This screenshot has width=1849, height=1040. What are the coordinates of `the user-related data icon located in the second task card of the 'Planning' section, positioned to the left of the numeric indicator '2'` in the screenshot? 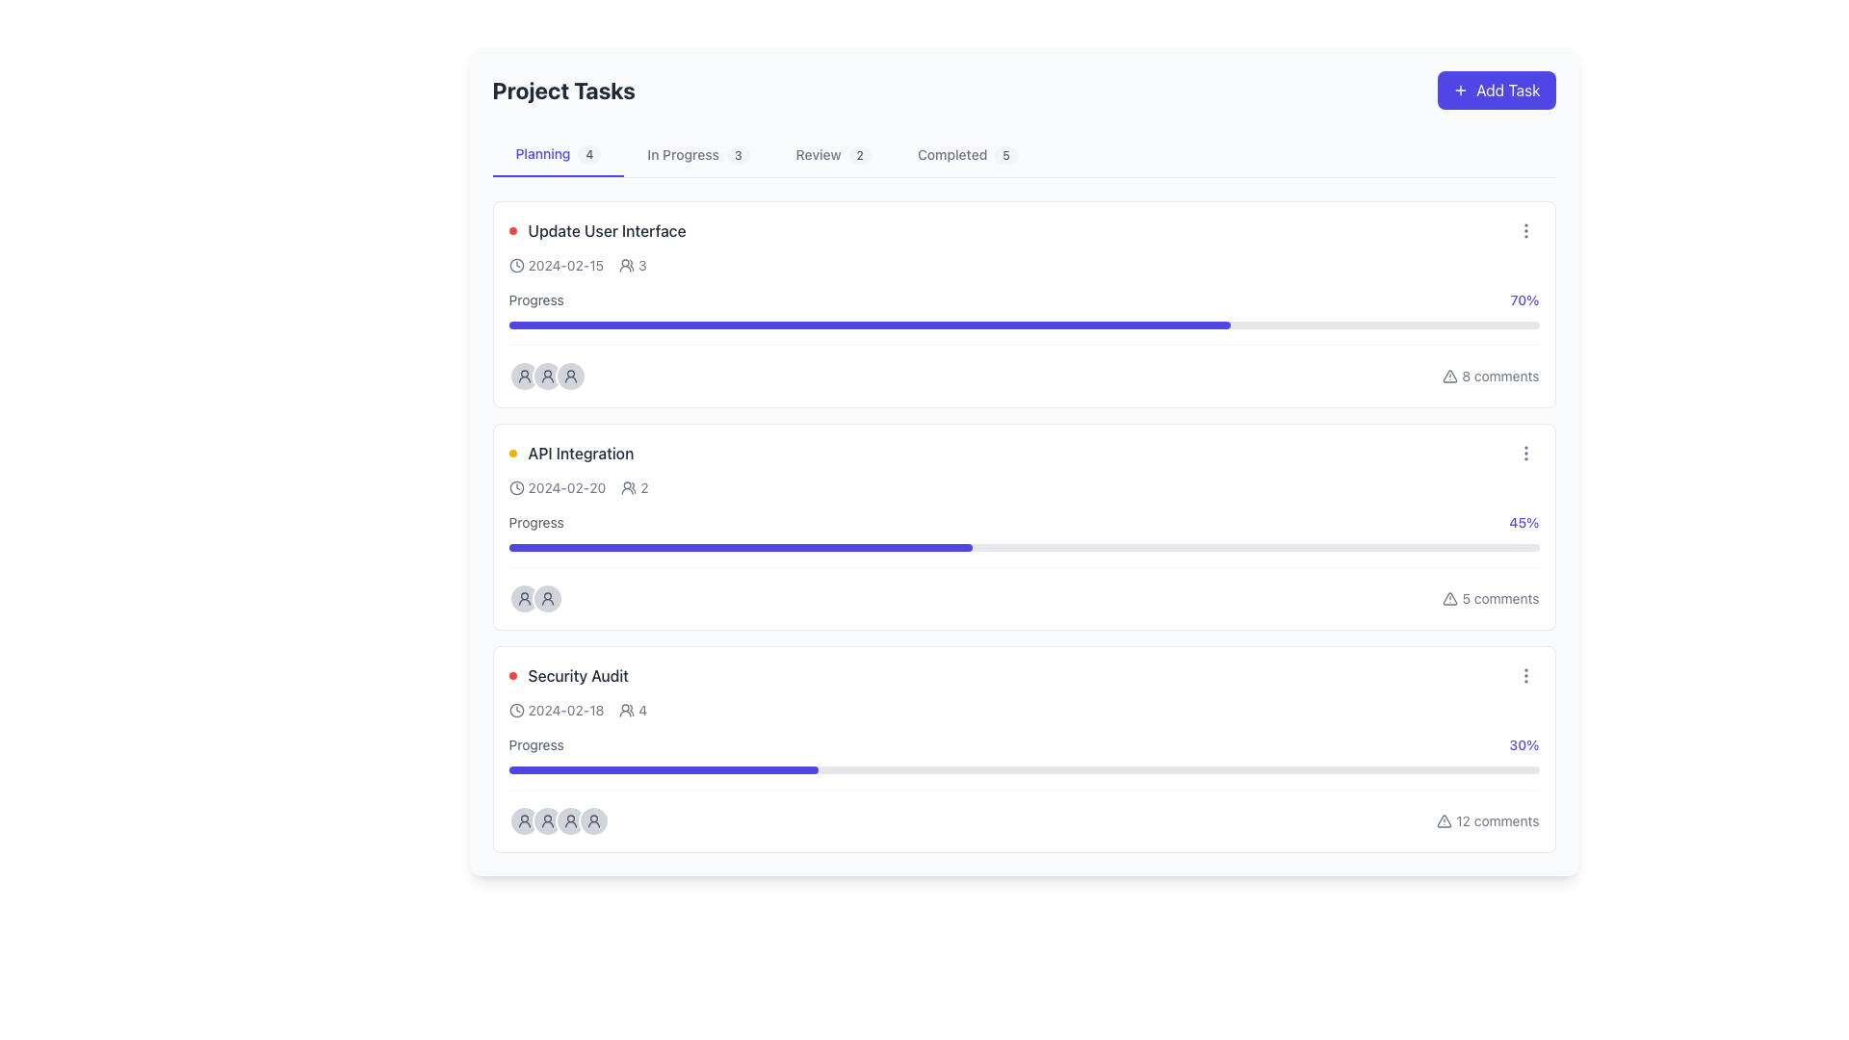 It's located at (629, 486).